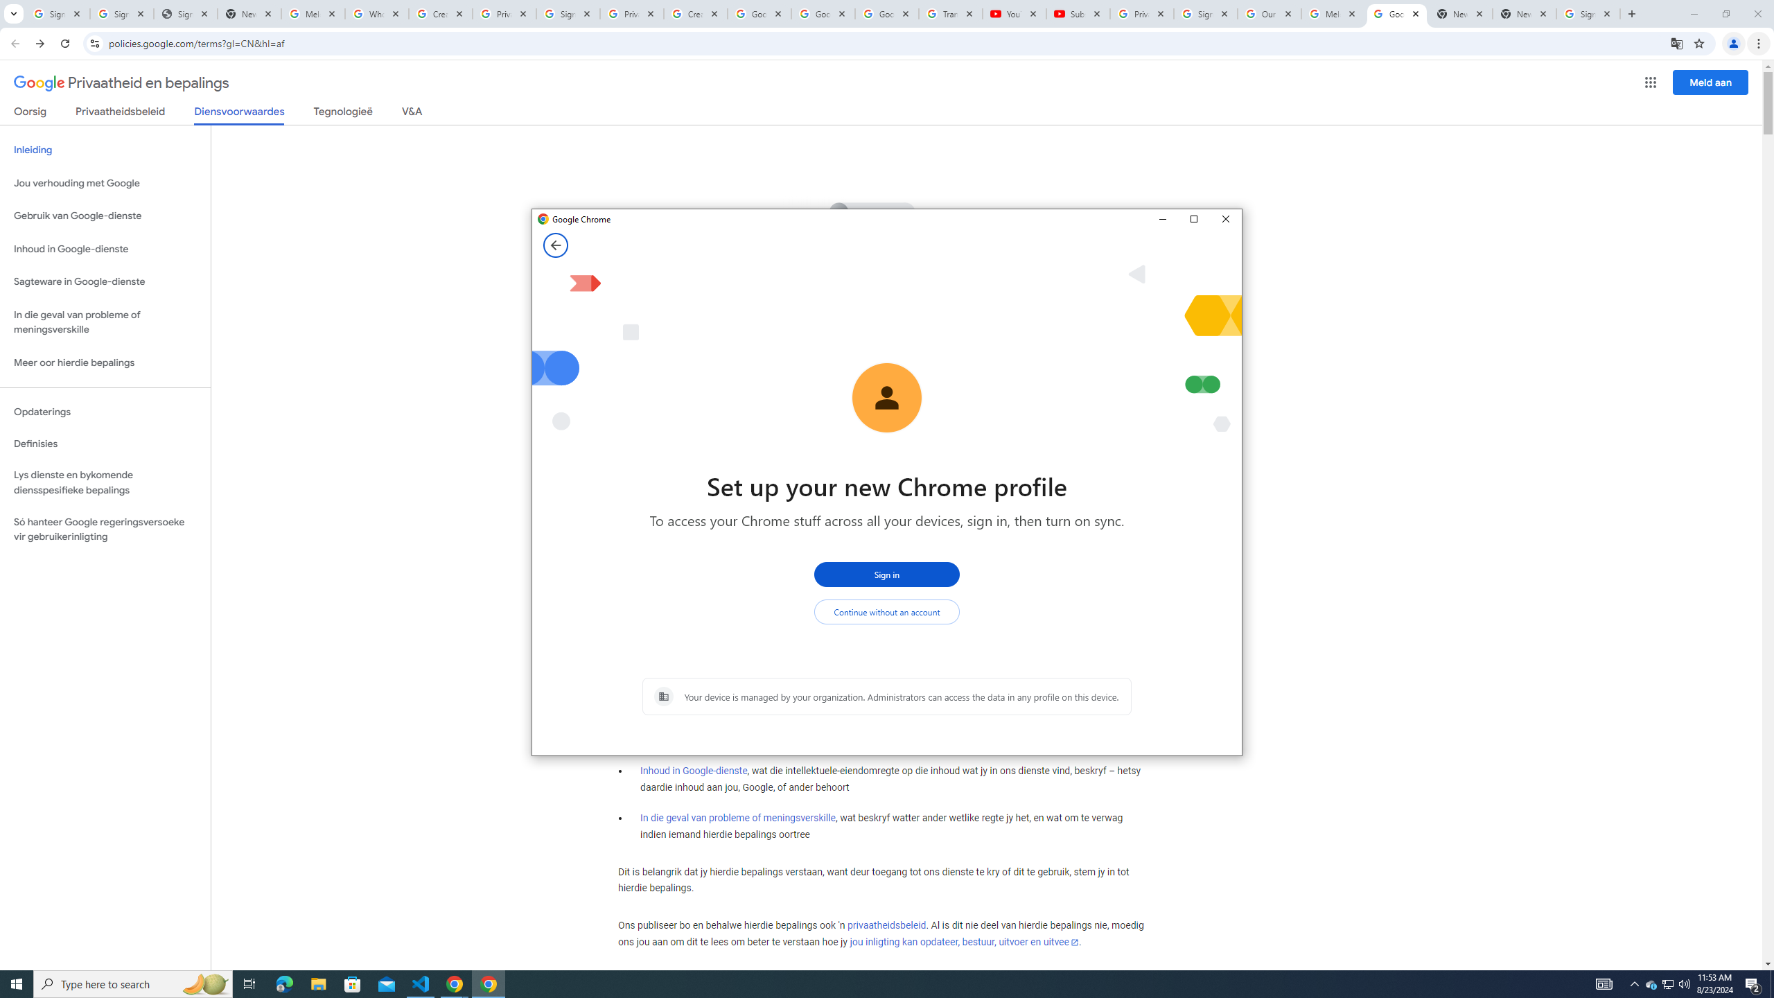 This screenshot has width=1774, height=998. I want to click on 'Diensvoorwaardes', so click(239, 114).